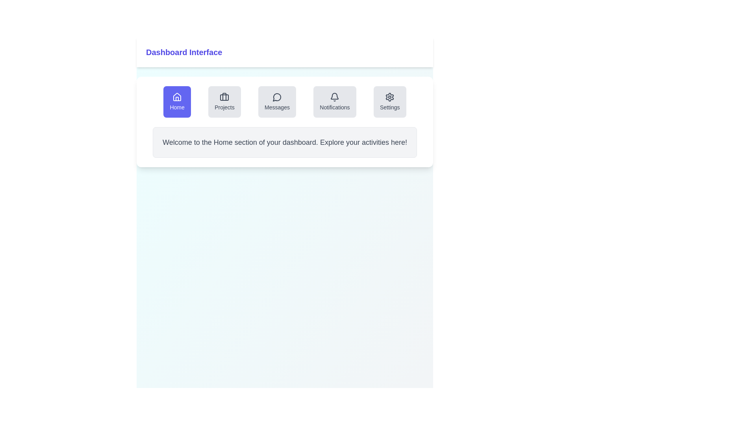 This screenshot has height=425, width=756. What do you see at coordinates (390, 96) in the screenshot?
I see `outer cogwheel part of the settings icon located in the top-right section of the main content area for its SVG properties` at bounding box center [390, 96].